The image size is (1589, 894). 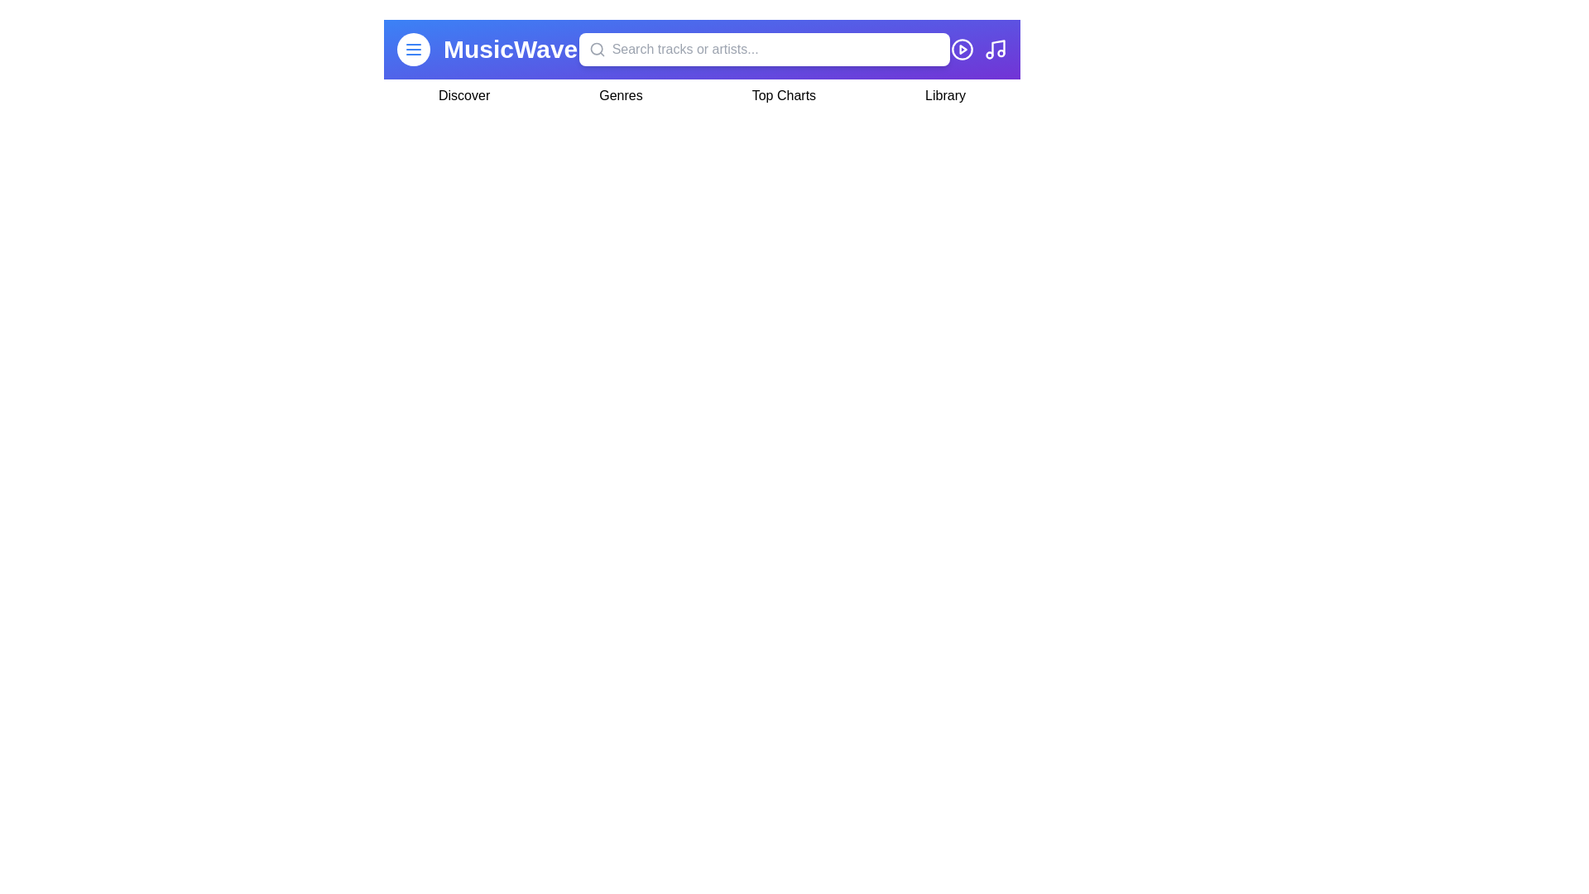 What do you see at coordinates (619, 95) in the screenshot?
I see `the navigation item Genres by clicking on it` at bounding box center [619, 95].